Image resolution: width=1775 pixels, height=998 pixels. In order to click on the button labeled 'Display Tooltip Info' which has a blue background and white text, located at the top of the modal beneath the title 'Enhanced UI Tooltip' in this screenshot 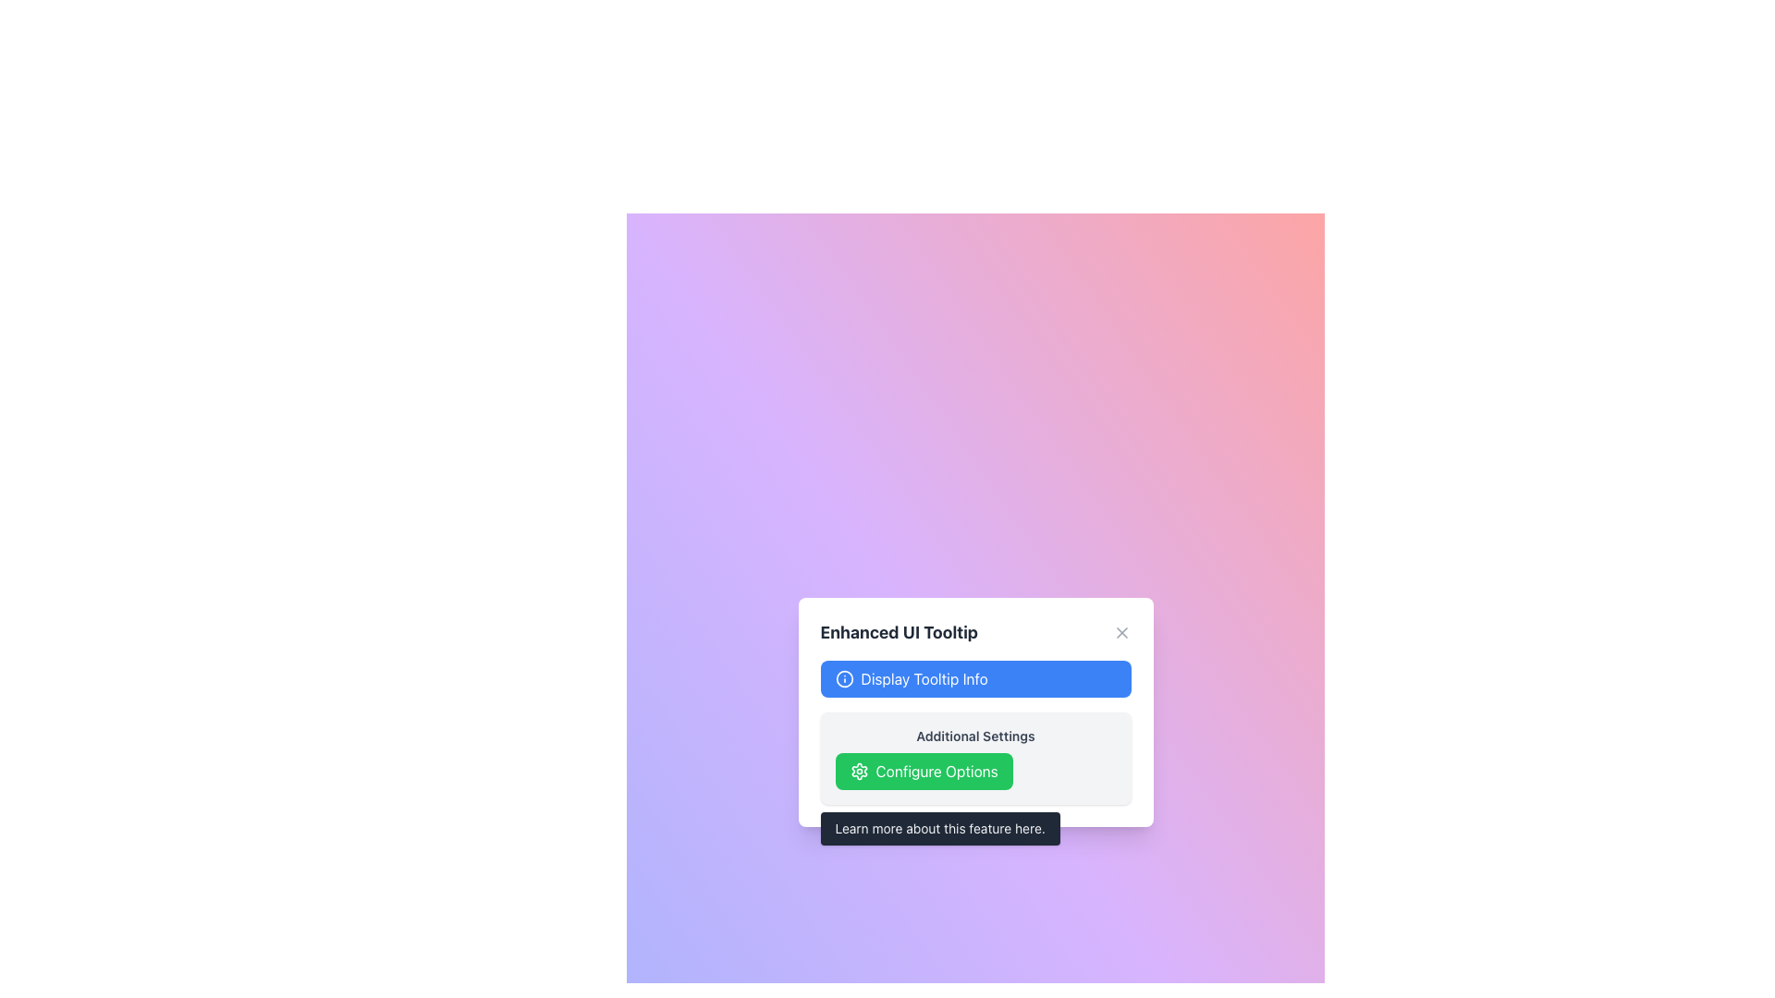, I will do `click(974, 679)`.